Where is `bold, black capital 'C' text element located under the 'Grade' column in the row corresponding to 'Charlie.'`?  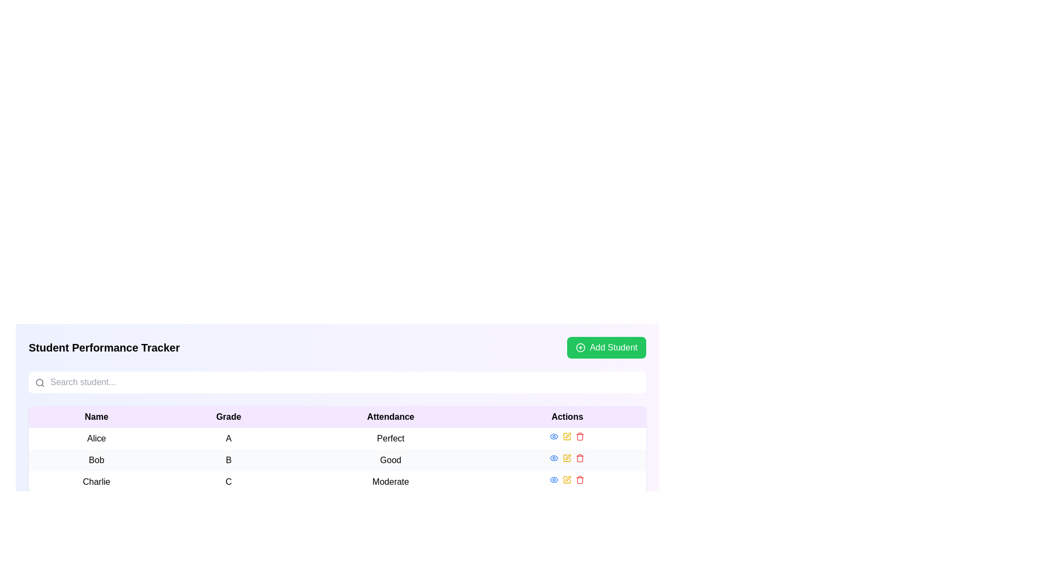 bold, black capital 'C' text element located under the 'Grade' column in the row corresponding to 'Charlie.' is located at coordinates (228, 482).